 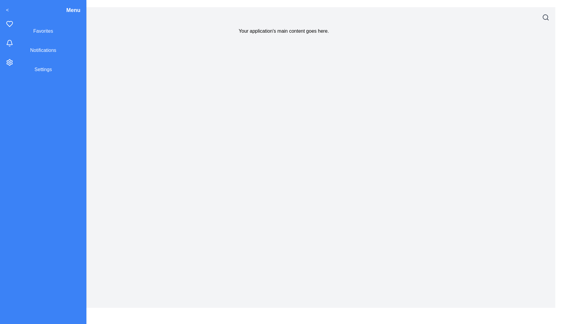 What do you see at coordinates (43, 28) in the screenshot?
I see `the 'Favorites' menu item in the drawer` at bounding box center [43, 28].